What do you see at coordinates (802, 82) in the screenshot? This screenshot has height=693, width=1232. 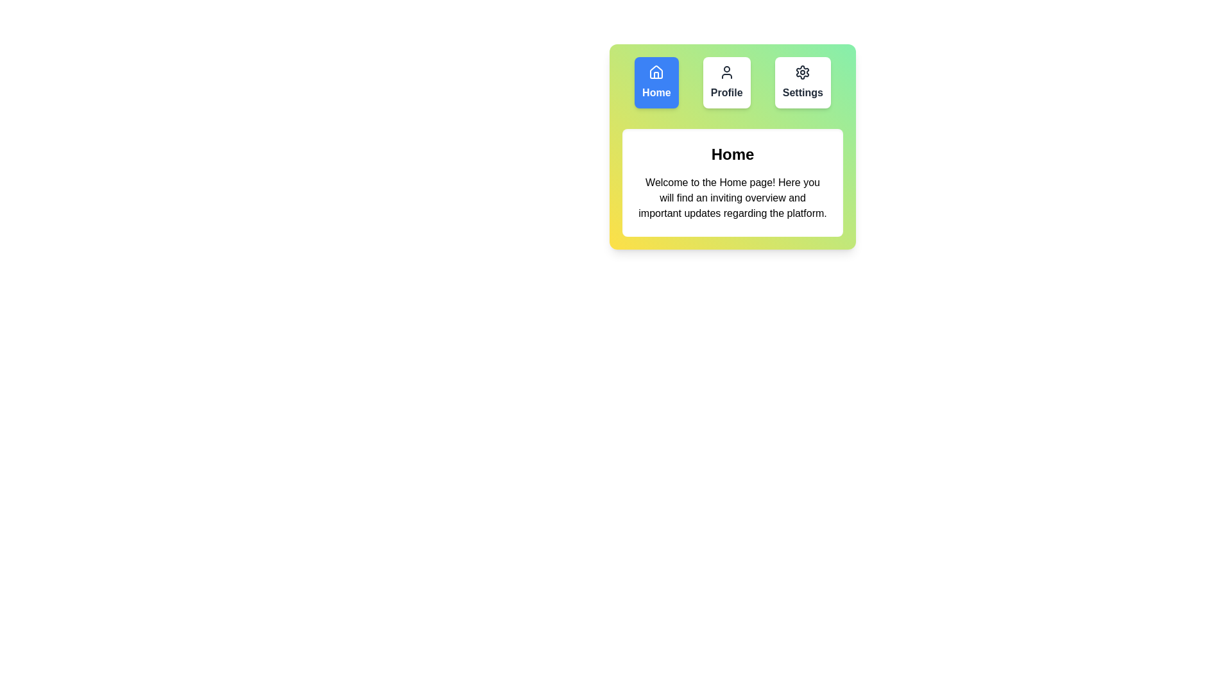 I see `the Settings button to observe its visual transition` at bounding box center [802, 82].